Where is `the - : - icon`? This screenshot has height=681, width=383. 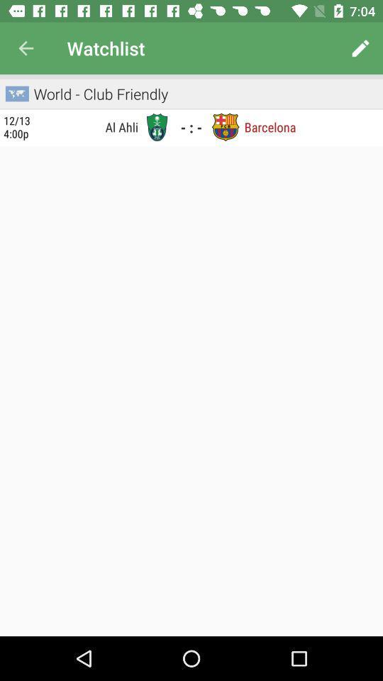 the - : - icon is located at coordinates (191, 126).